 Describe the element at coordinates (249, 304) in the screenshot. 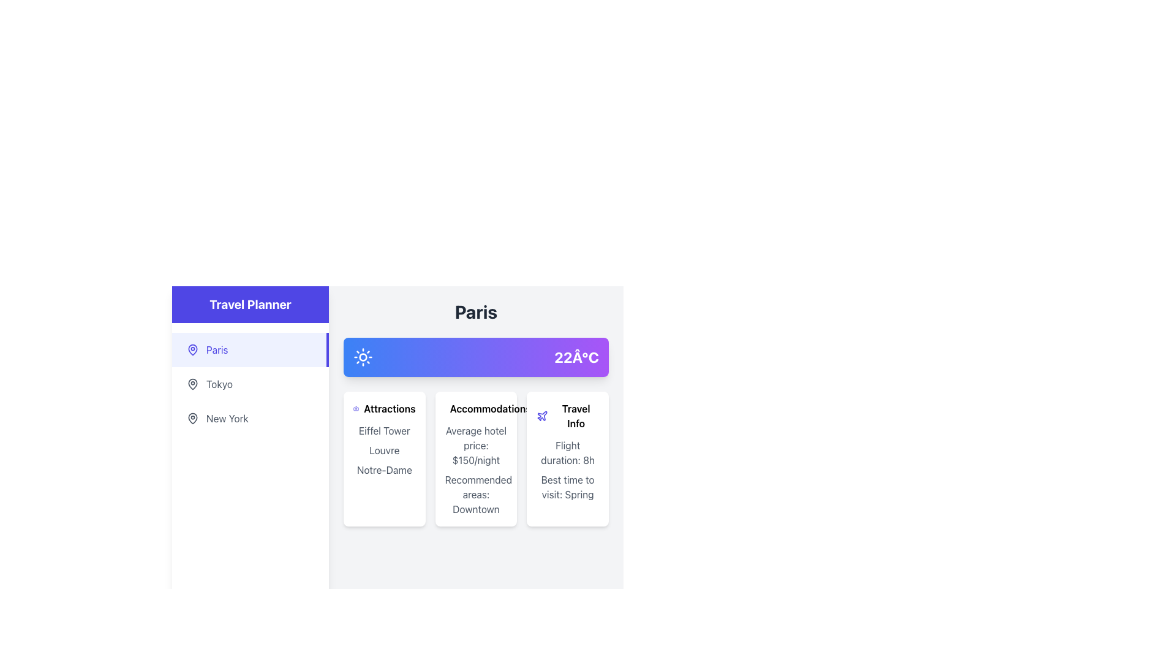

I see `the Text Box element serving as the title or header for the Travel Planner section` at that location.